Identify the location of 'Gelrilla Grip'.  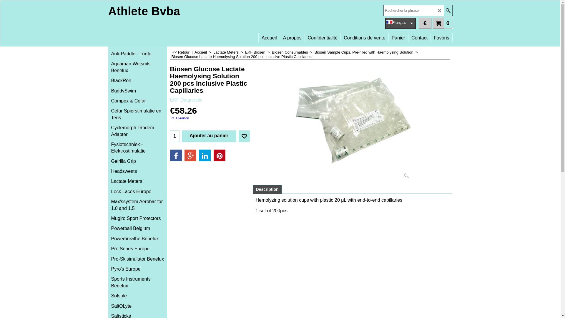
(108, 161).